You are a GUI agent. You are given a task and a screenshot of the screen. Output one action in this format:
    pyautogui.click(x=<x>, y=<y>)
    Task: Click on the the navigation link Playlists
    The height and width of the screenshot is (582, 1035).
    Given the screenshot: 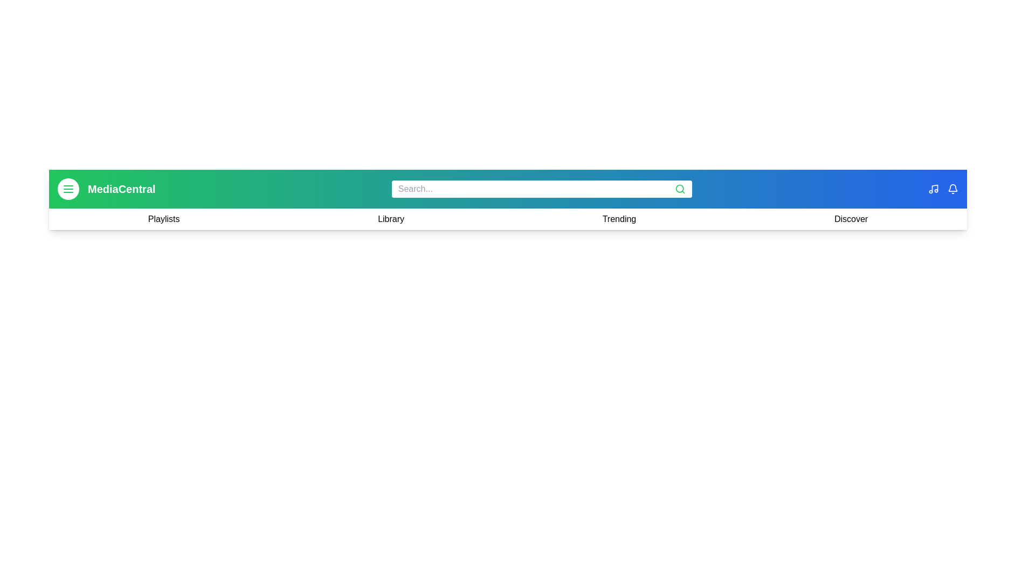 What is the action you would take?
    pyautogui.click(x=163, y=219)
    